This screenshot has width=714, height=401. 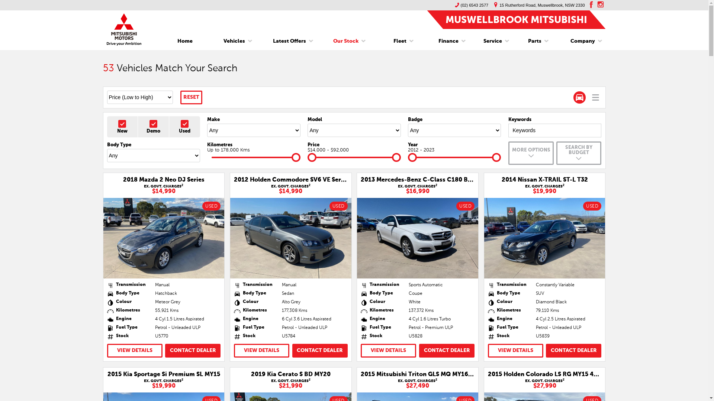 What do you see at coordinates (516, 19) in the screenshot?
I see `'MUSWELLBROOK MITSUBISHI'` at bounding box center [516, 19].